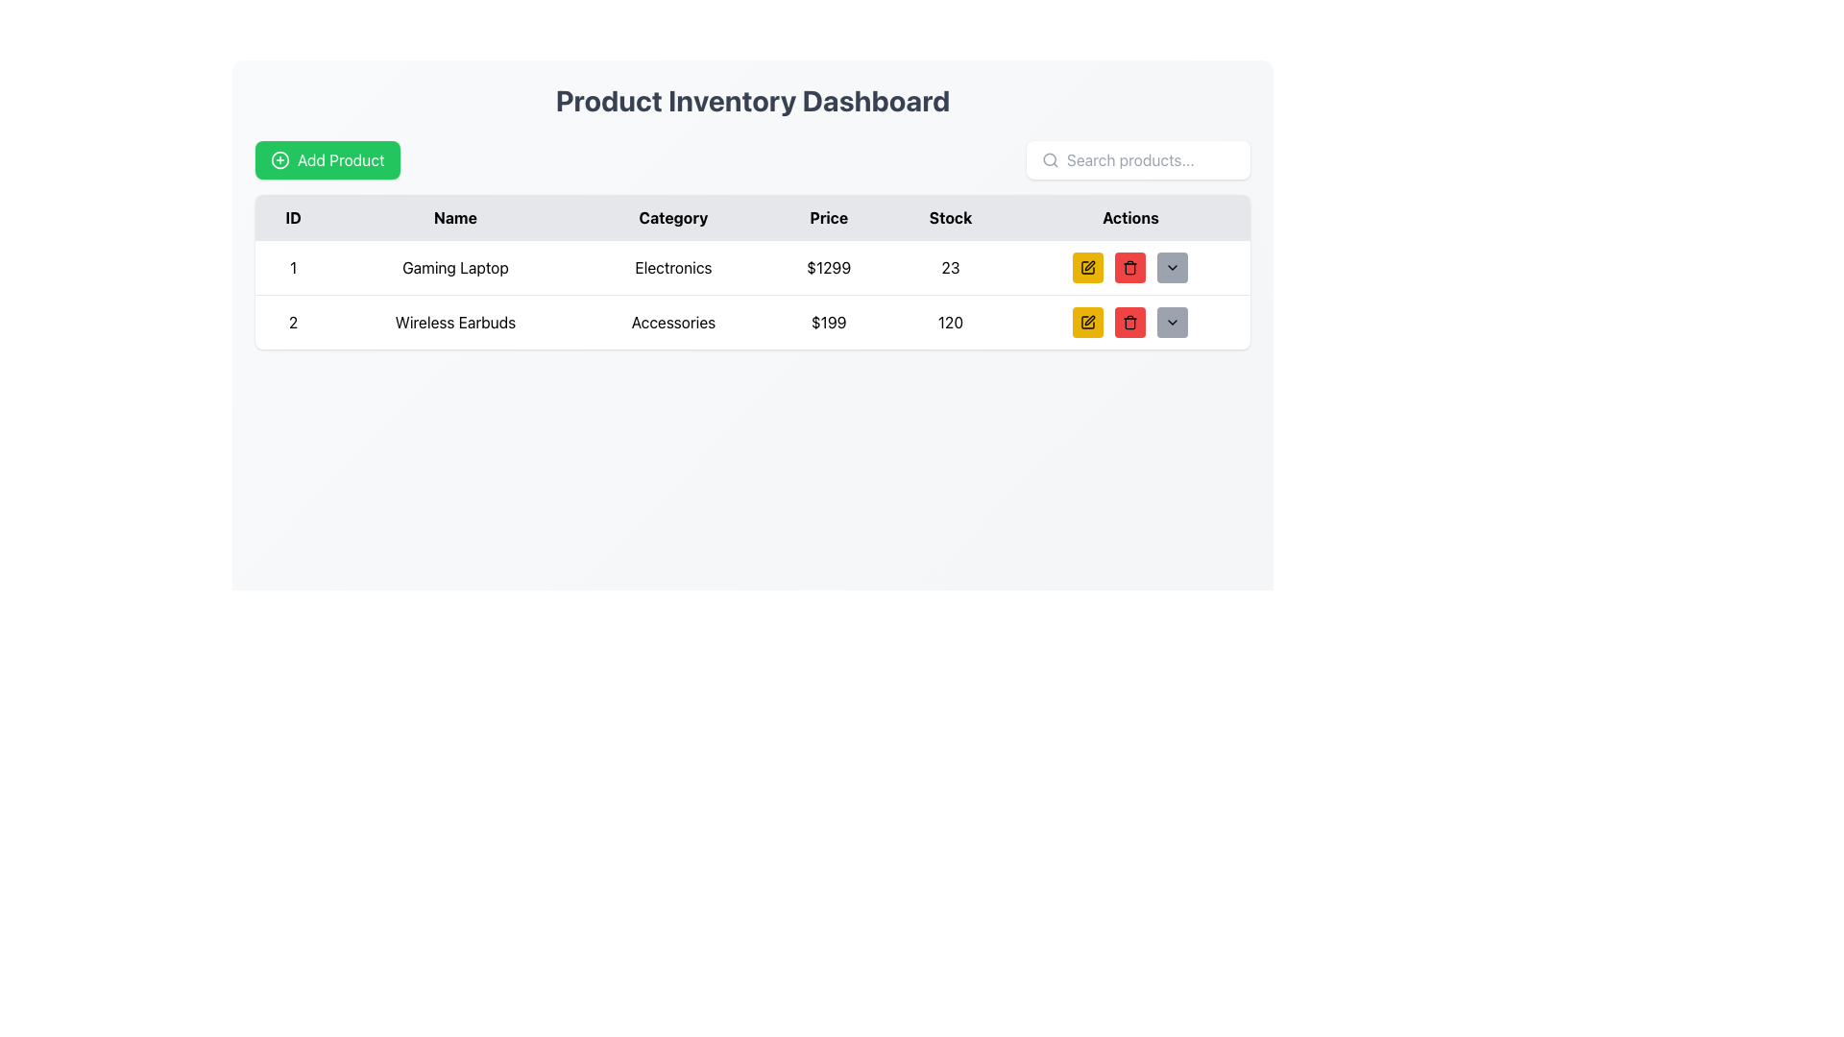  Describe the element at coordinates (950, 217) in the screenshot. I see `the 'Stock' text label, which is a bold black font on a light gray background, centrally aligned in the header row of the table, located between the 'Price' and 'Actions' column headers` at that location.